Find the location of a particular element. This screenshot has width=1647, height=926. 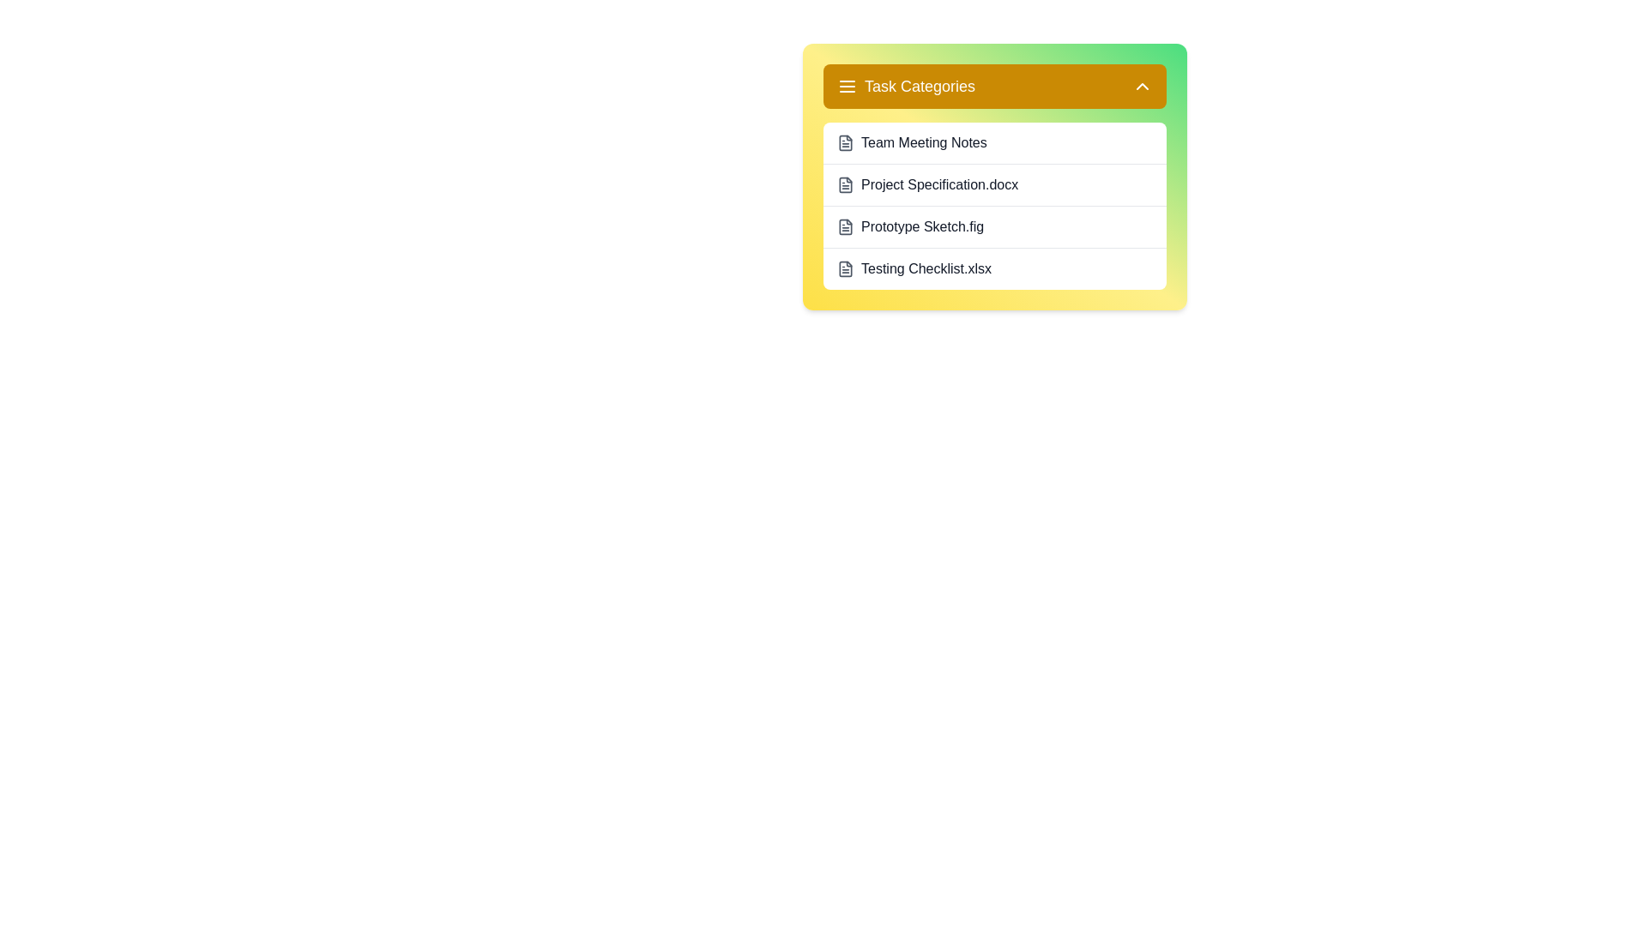

the task Prototype Sketch.fig from the task list is located at coordinates (995, 225).